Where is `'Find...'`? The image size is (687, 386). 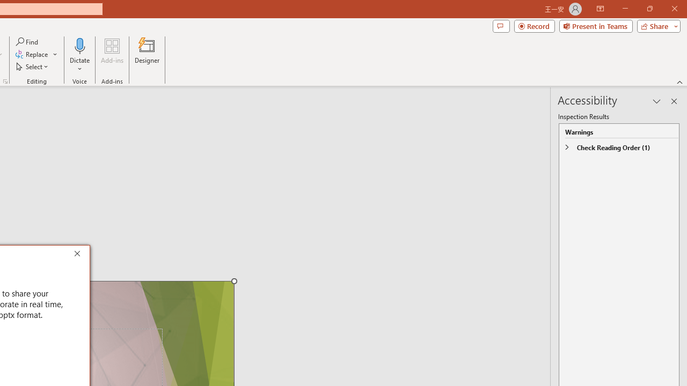 'Find...' is located at coordinates (27, 41).